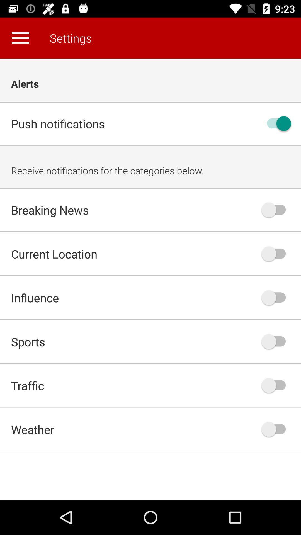 The width and height of the screenshot is (301, 535). Describe the element at coordinates (276, 123) in the screenshot. I see `push notification switch` at that location.